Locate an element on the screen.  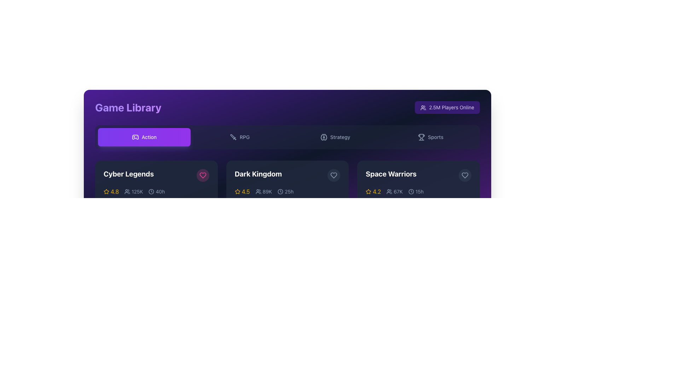
the interactive button located to the right of the 'Cyber Legends' text in the first card of the 'Game Library' to mark it as a favorite is located at coordinates (202, 175).